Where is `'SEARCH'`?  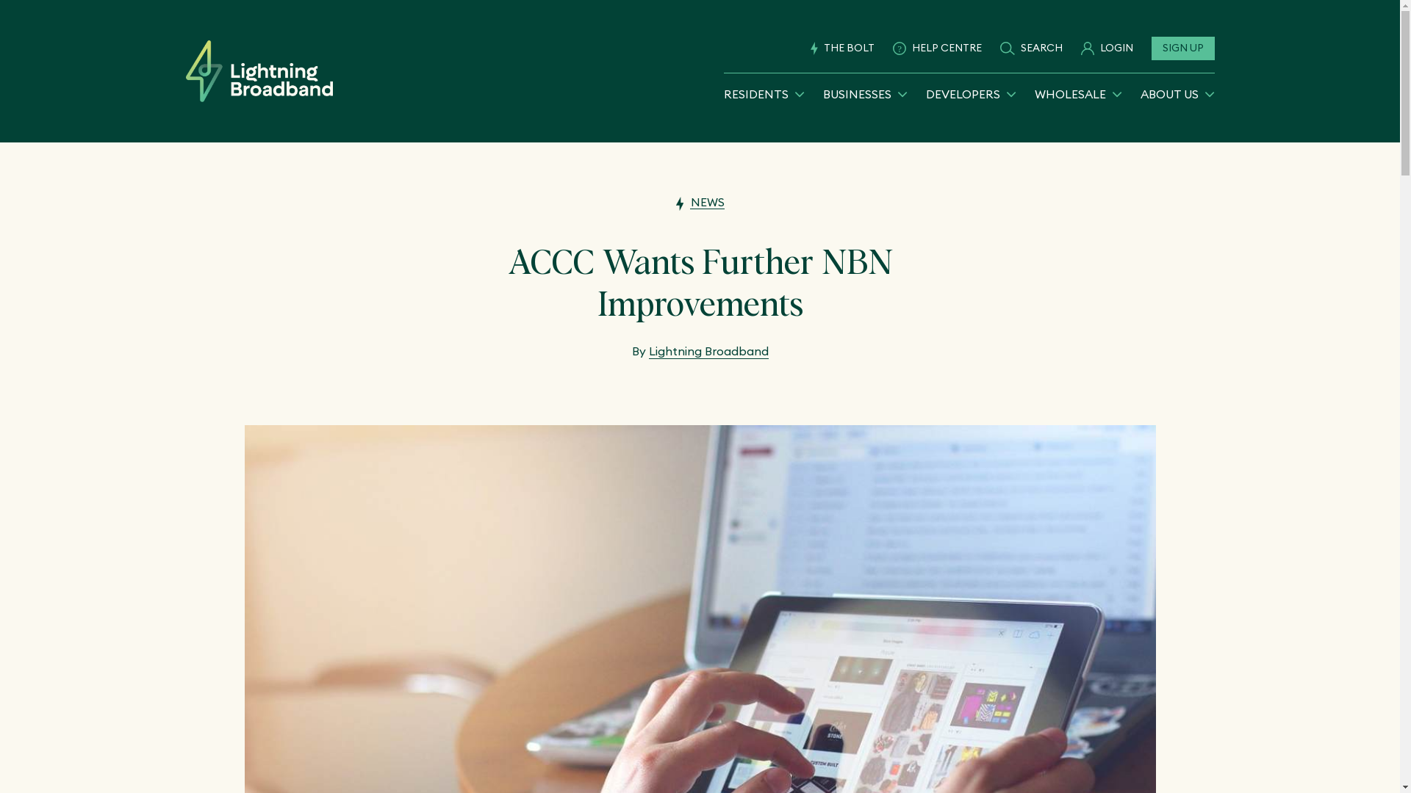 'SEARCH' is located at coordinates (999, 47).